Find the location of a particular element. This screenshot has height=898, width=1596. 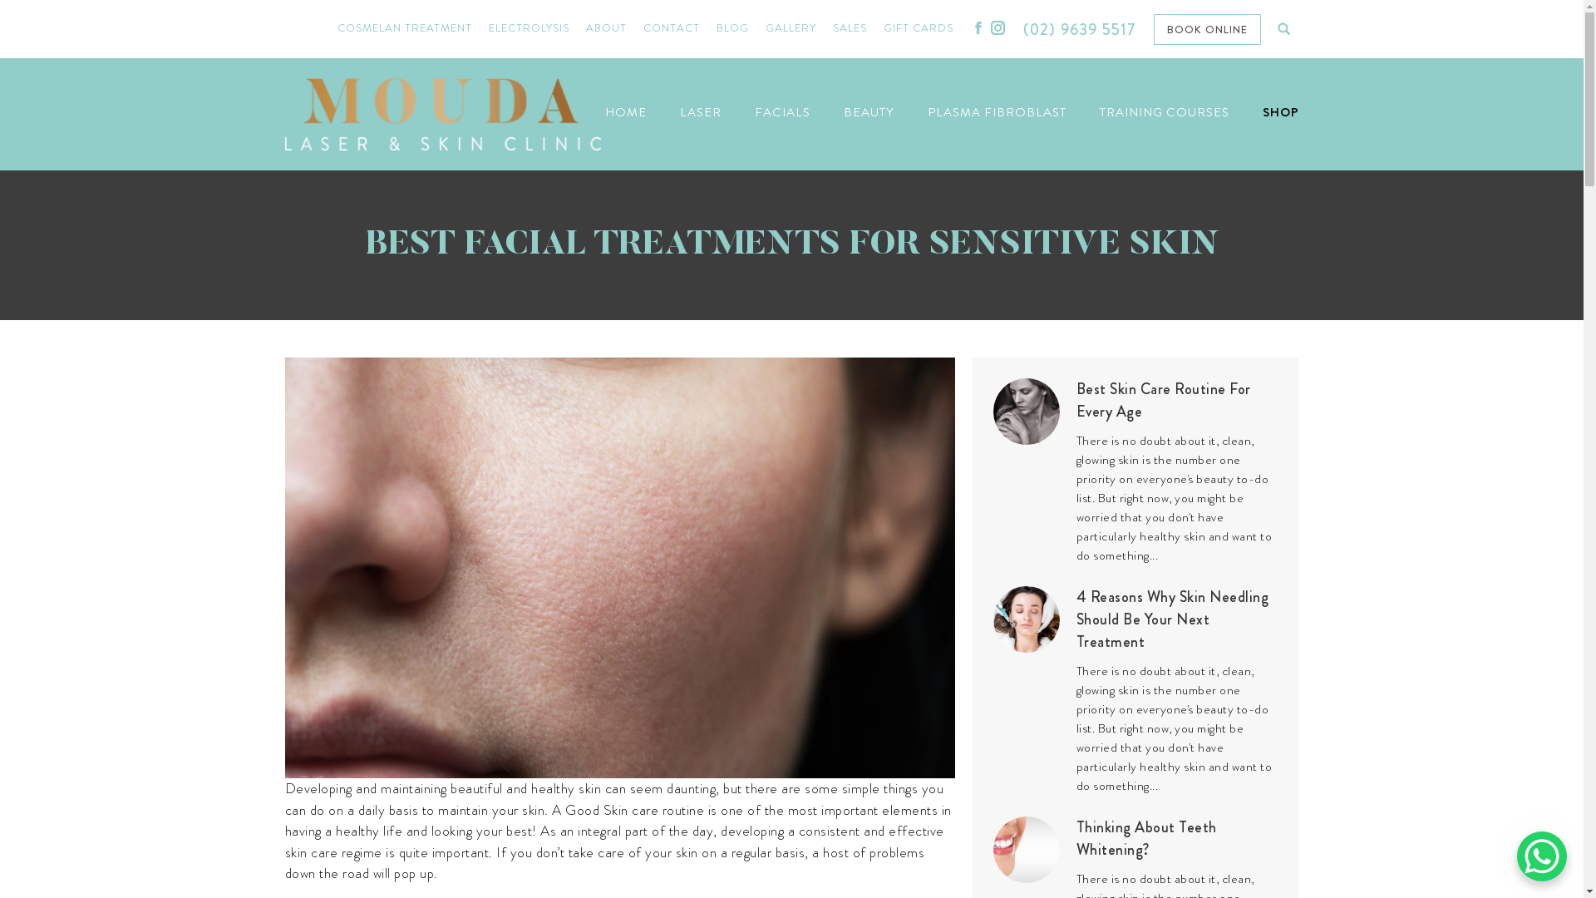

'GALLERY' is located at coordinates (790, 28).